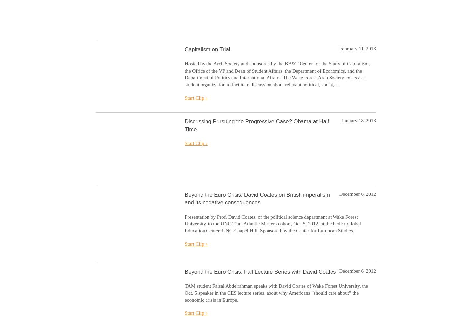 Image resolution: width=475 pixels, height=326 pixels. What do you see at coordinates (272, 223) in the screenshot?
I see `'Presentation by Prof. David Coates, of the political science department at Wake Forest University, to the UNC TransAtlantic Masters cohort, Oct. 5, 2012, at the FedEx Global Education Center, UNC-Chapel Hill. Sponsored by the Center for European Studies.'` at bounding box center [272, 223].